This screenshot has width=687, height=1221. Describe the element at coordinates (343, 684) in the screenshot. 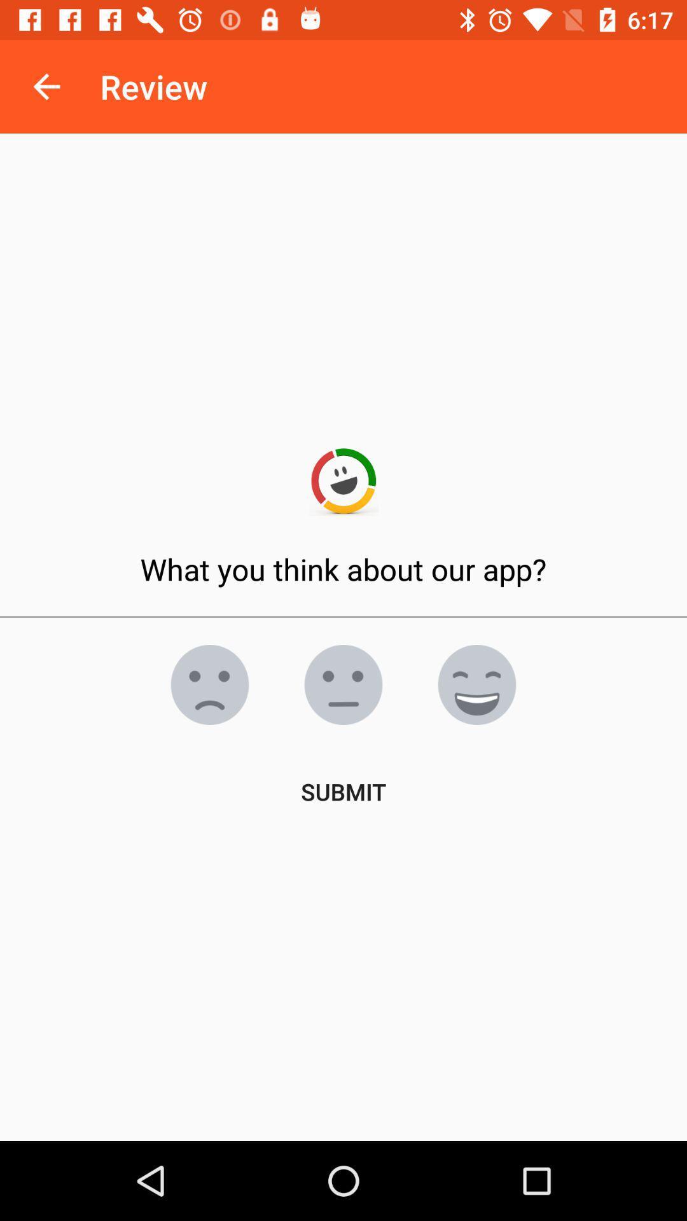

I see `item above submit` at that location.